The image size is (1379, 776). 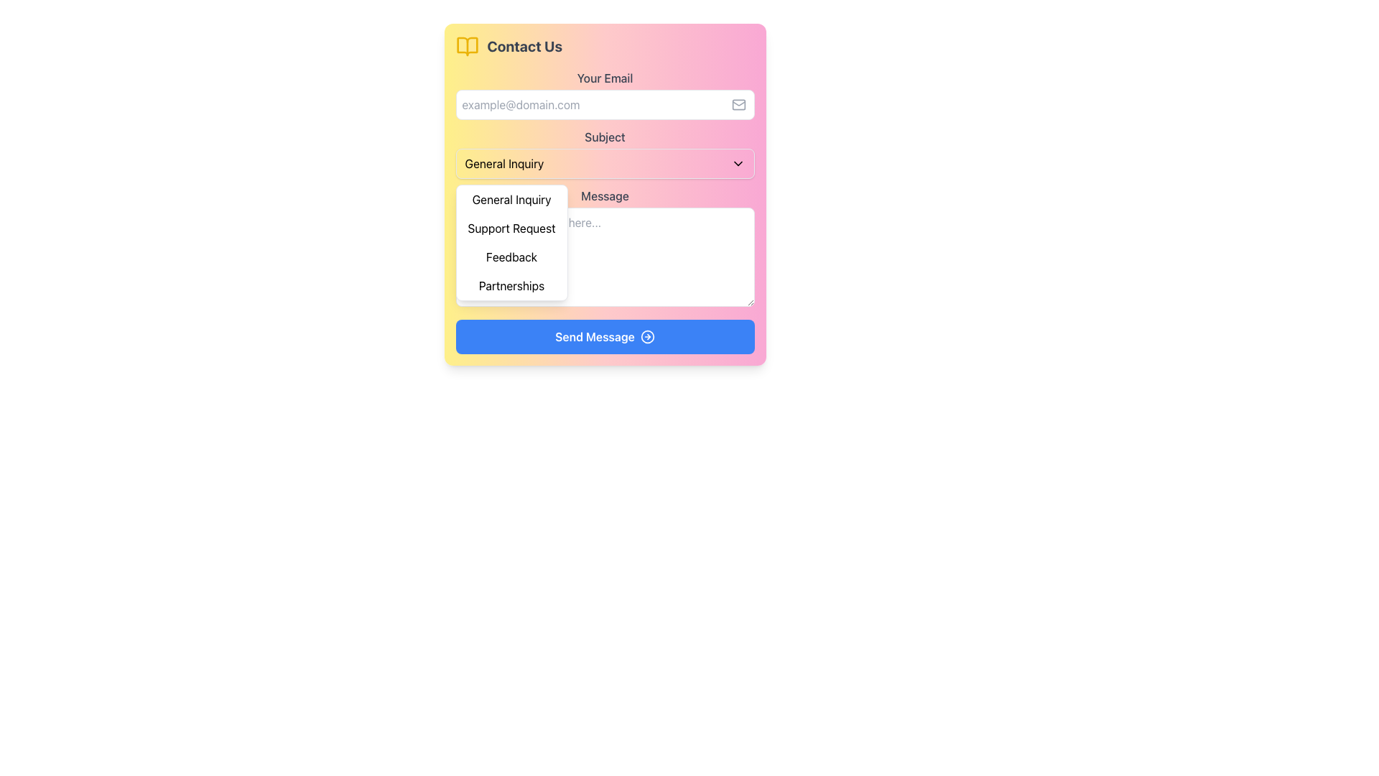 What do you see at coordinates (738, 104) in the screenshot?
I see `the email icon` at bounding box center [738, 104].